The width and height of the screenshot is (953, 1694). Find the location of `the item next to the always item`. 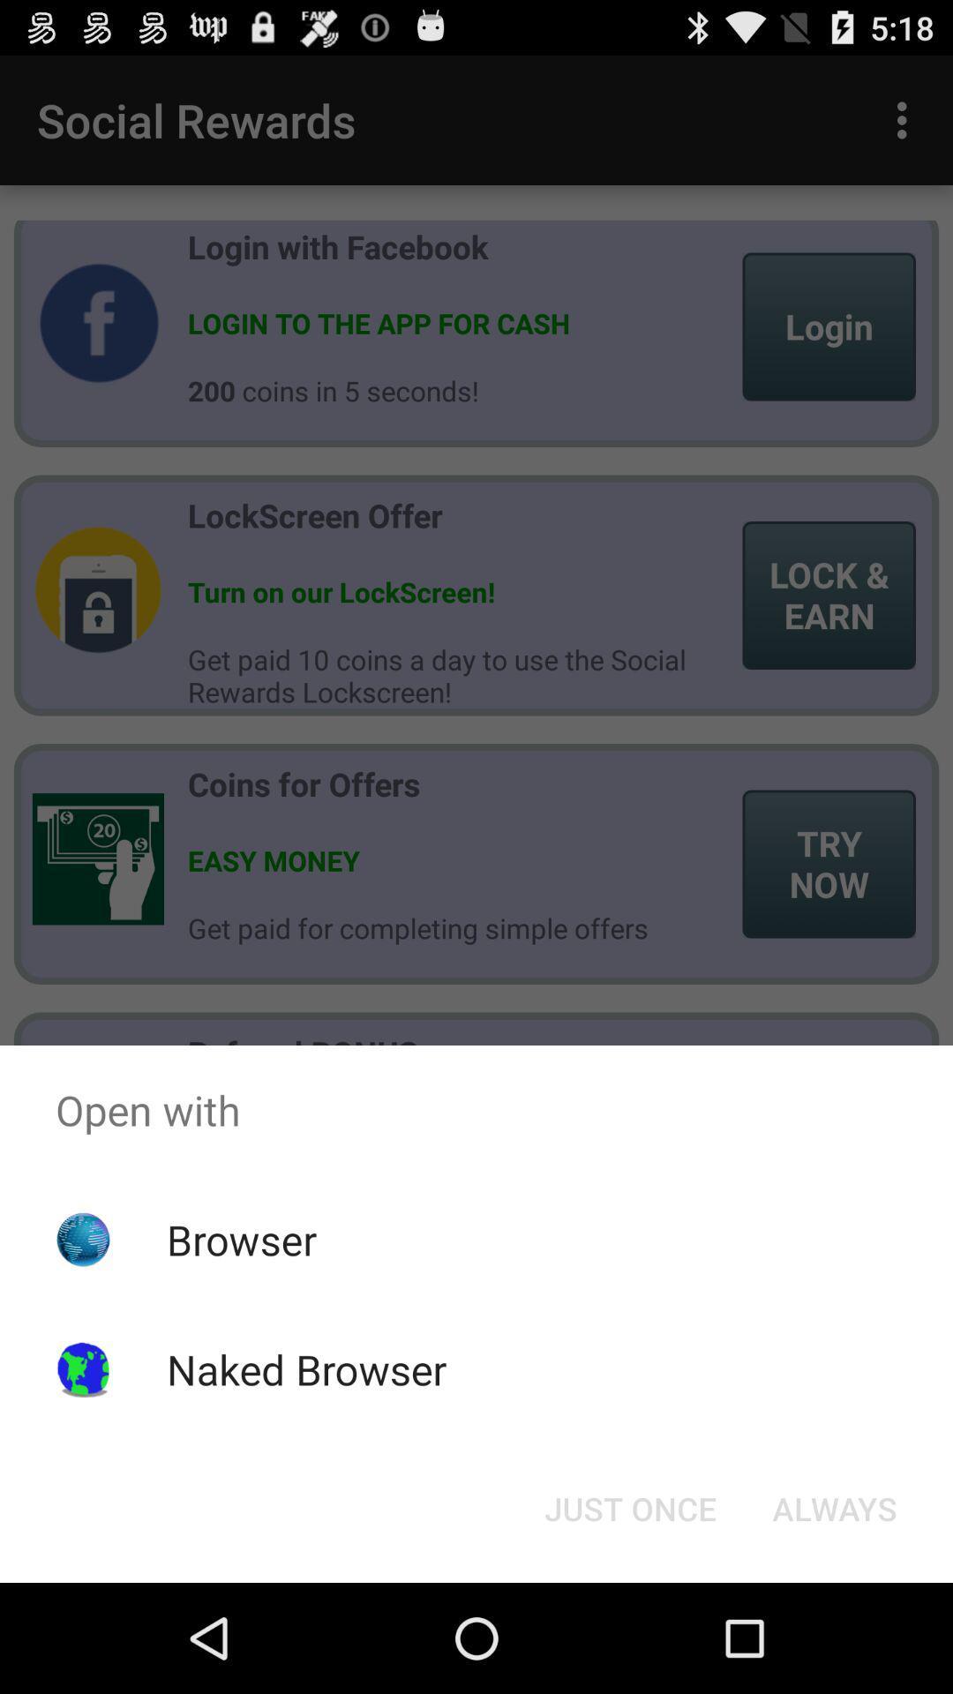

the item next to the always item is located at coordinates (629, 1507).